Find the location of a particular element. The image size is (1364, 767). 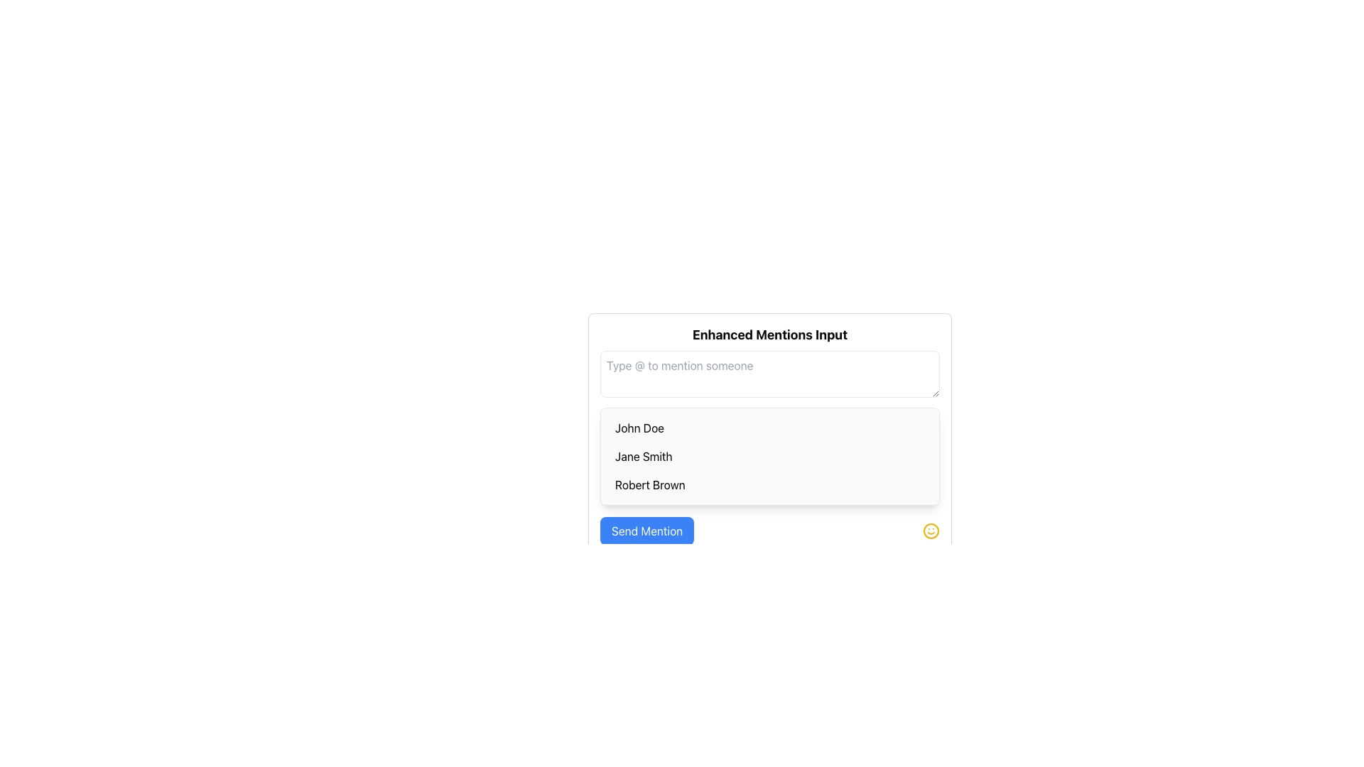

the blue rectangular button labeled 'Send Mention' to observe its hover effect is located at coordinates (646, 531).